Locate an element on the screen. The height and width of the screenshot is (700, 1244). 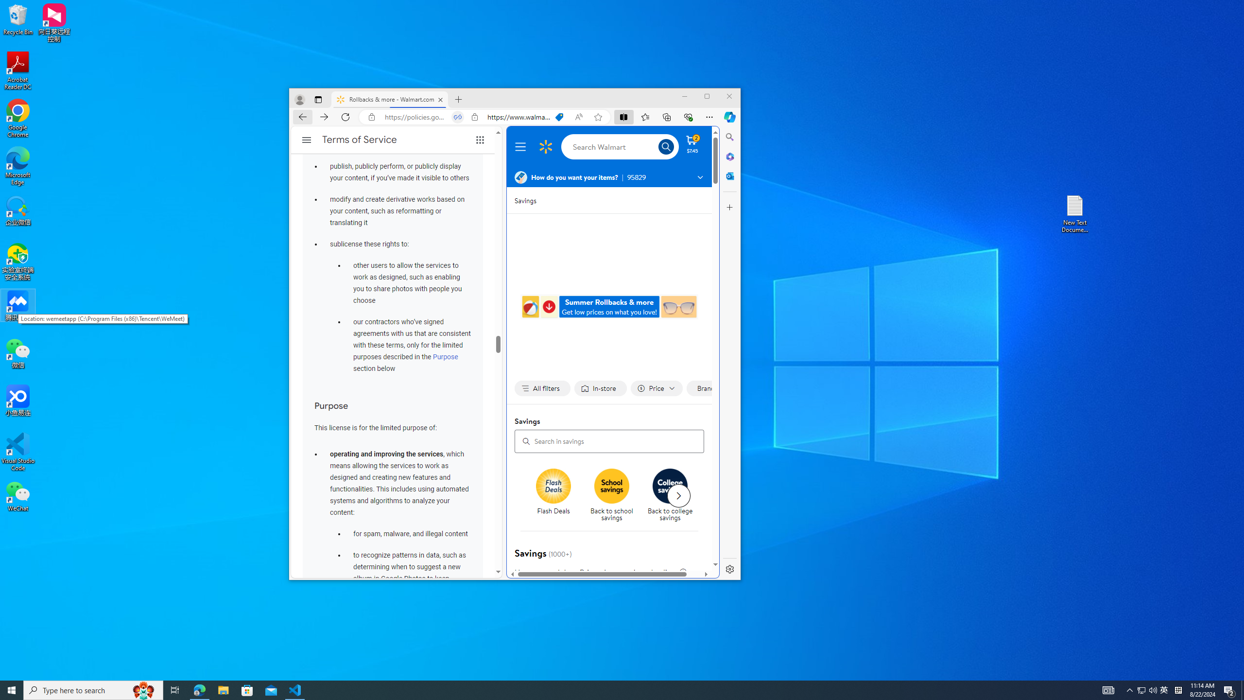
'New Text Document (2)' is located at coordinates (1075, 213).